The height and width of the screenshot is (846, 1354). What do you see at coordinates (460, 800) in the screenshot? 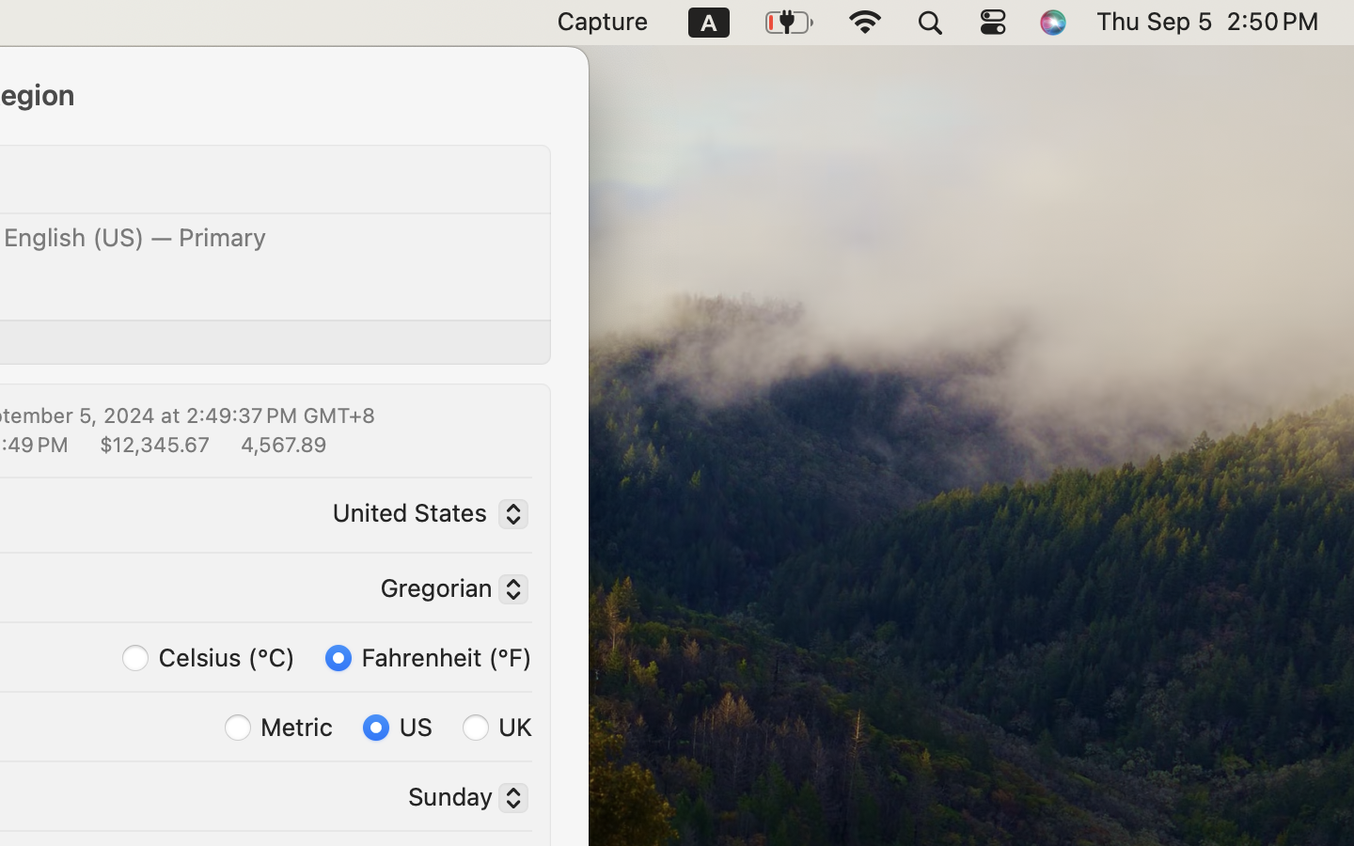
I see `'Sunday'` at bounding box center [460, 800].